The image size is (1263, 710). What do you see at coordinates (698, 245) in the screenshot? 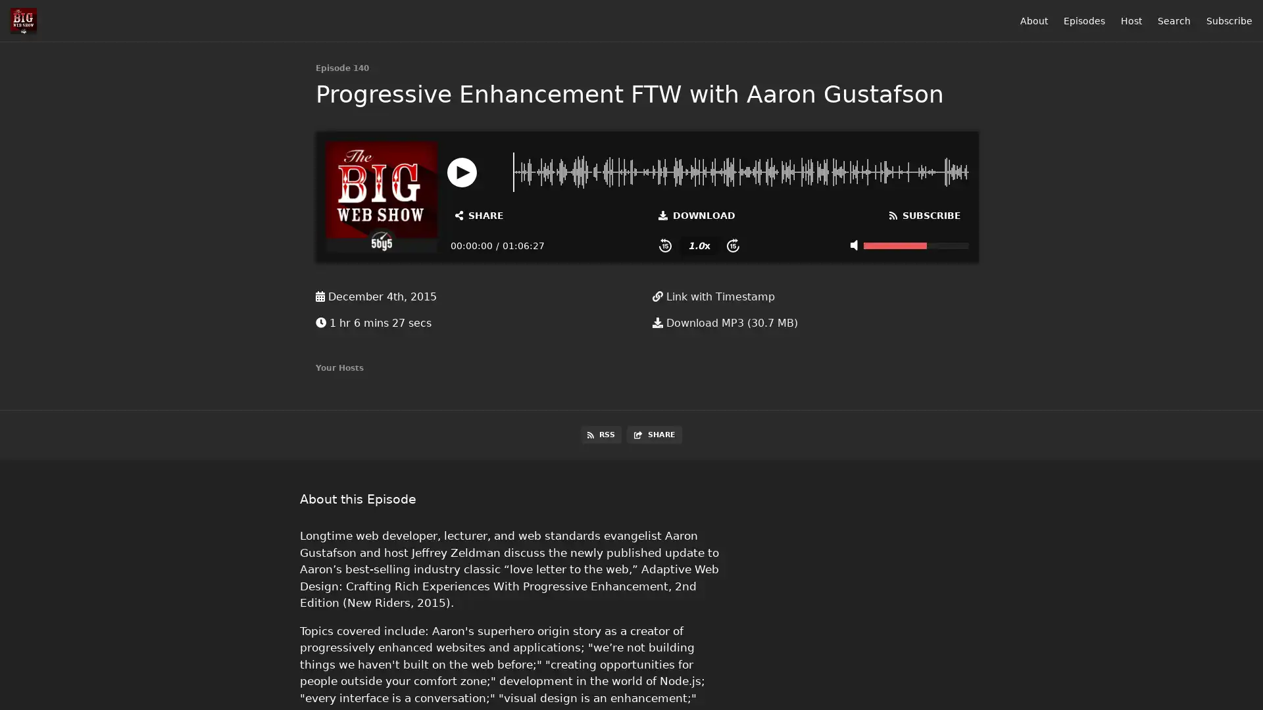
I see `Change Playback Speed` at bounding box center [698, 245].